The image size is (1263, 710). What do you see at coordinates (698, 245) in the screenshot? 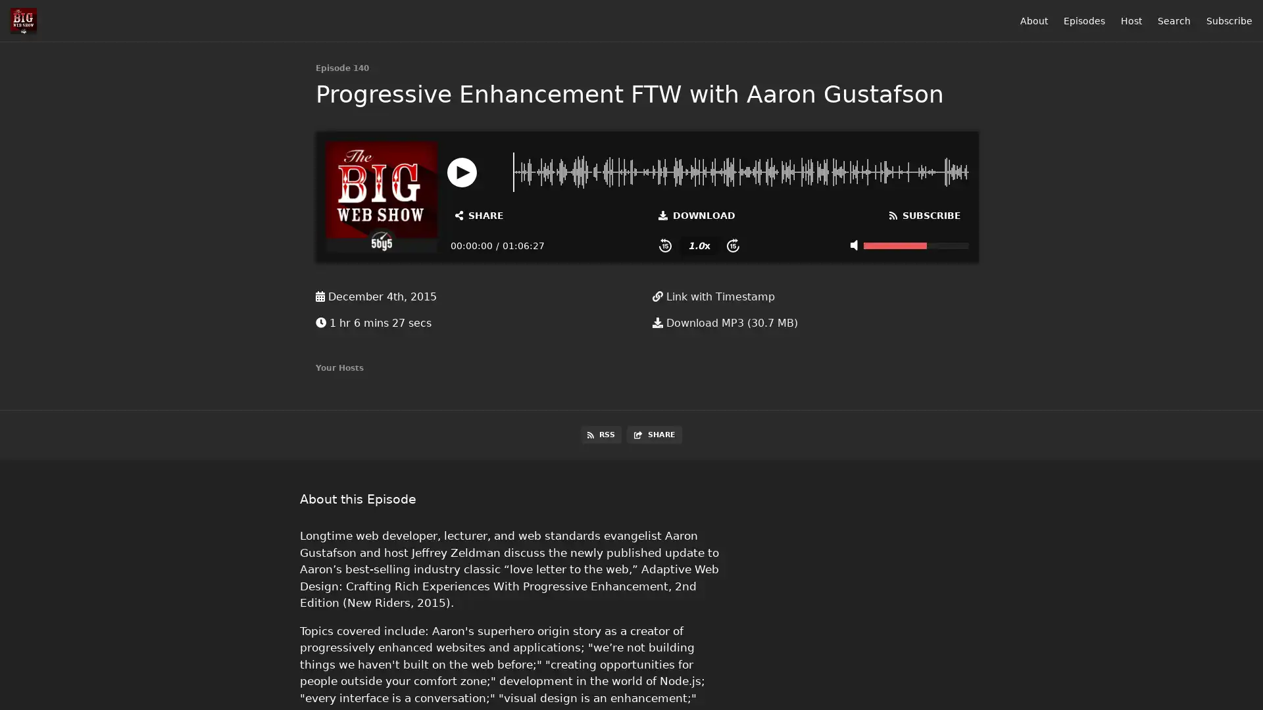
I see `Change Playback Speed` at bounding box center [698, 245].